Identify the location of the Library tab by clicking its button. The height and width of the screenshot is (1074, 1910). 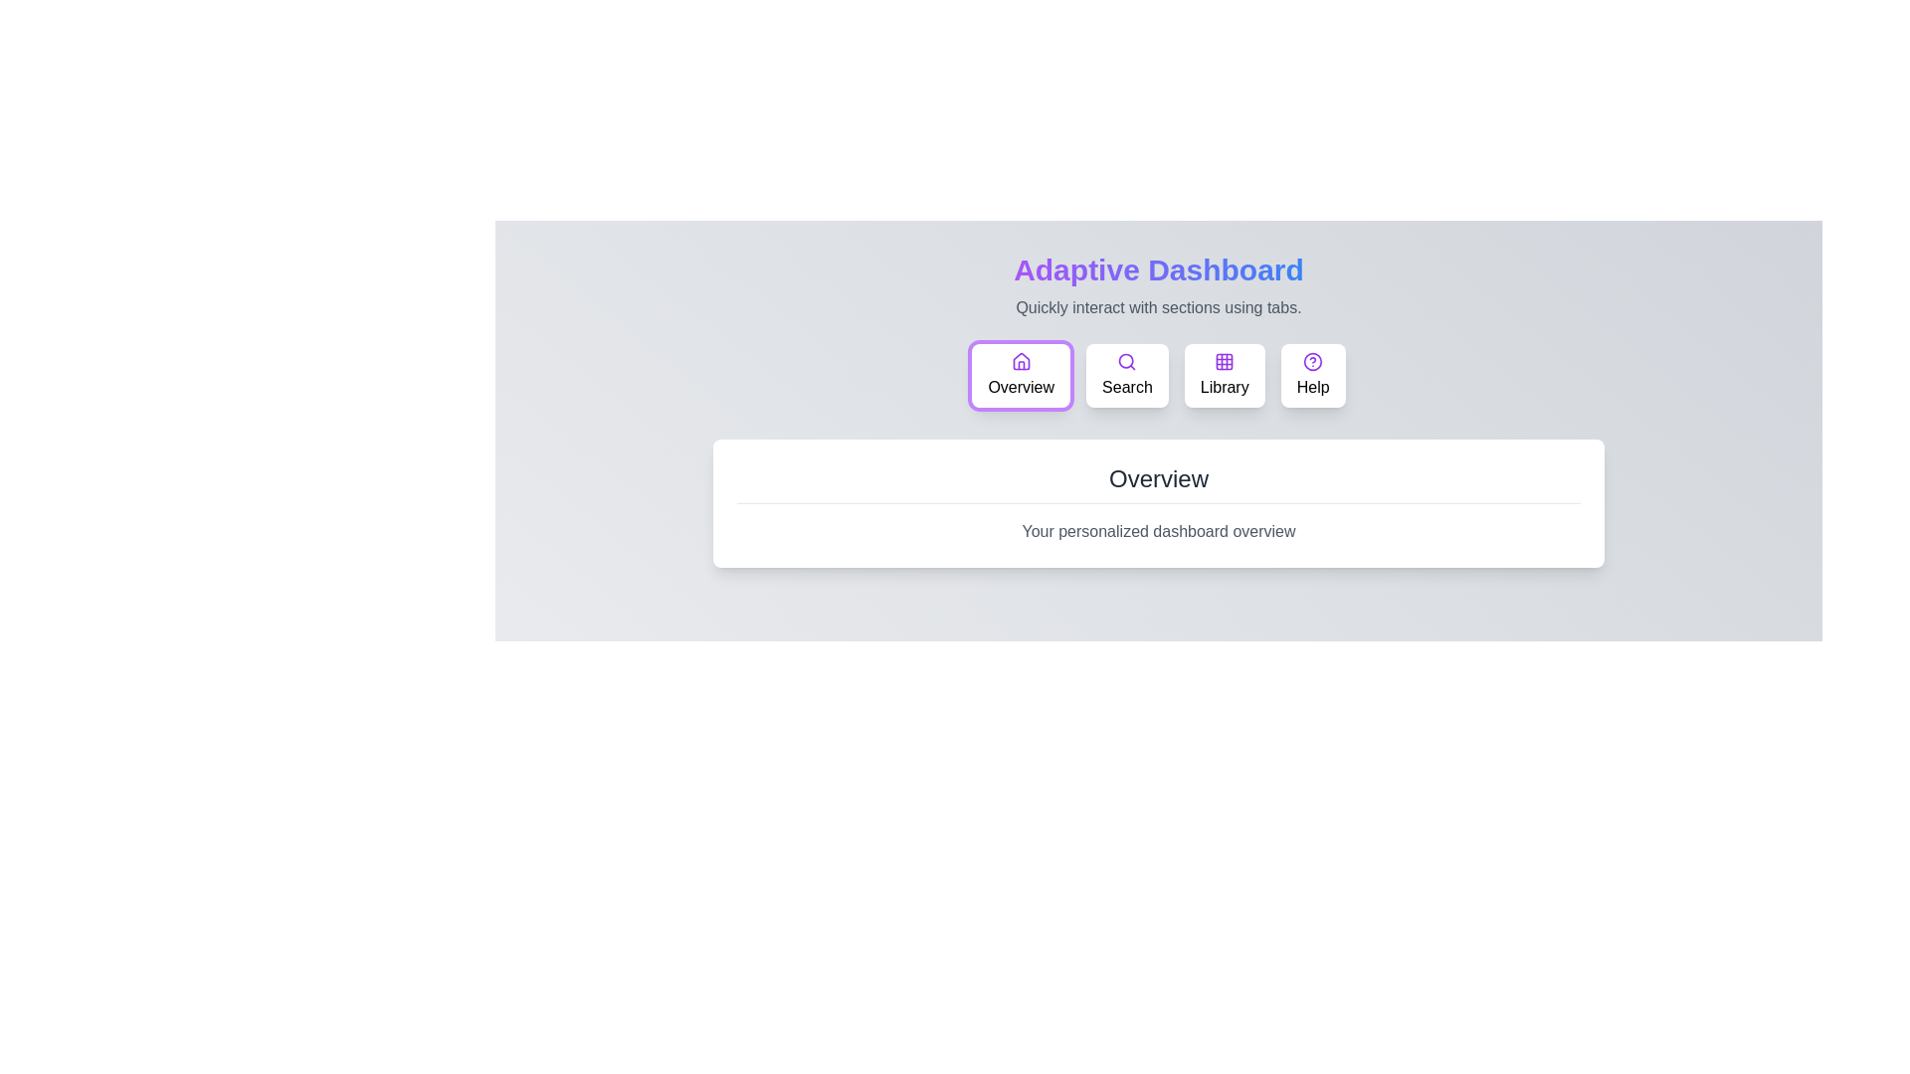
(1224, 376).